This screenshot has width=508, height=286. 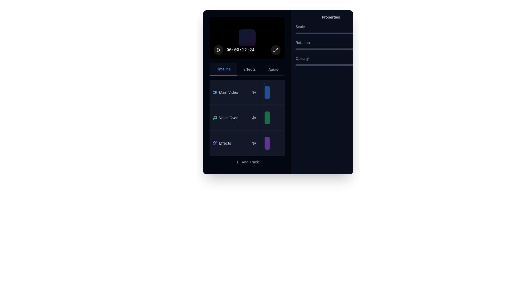 What do you see at coordinates (223, 69) in the screenshot?
I see `the blue-colored 'Timeline' tab button, which is the active tab in the tab bar interface` at bounding box center [223, 69].